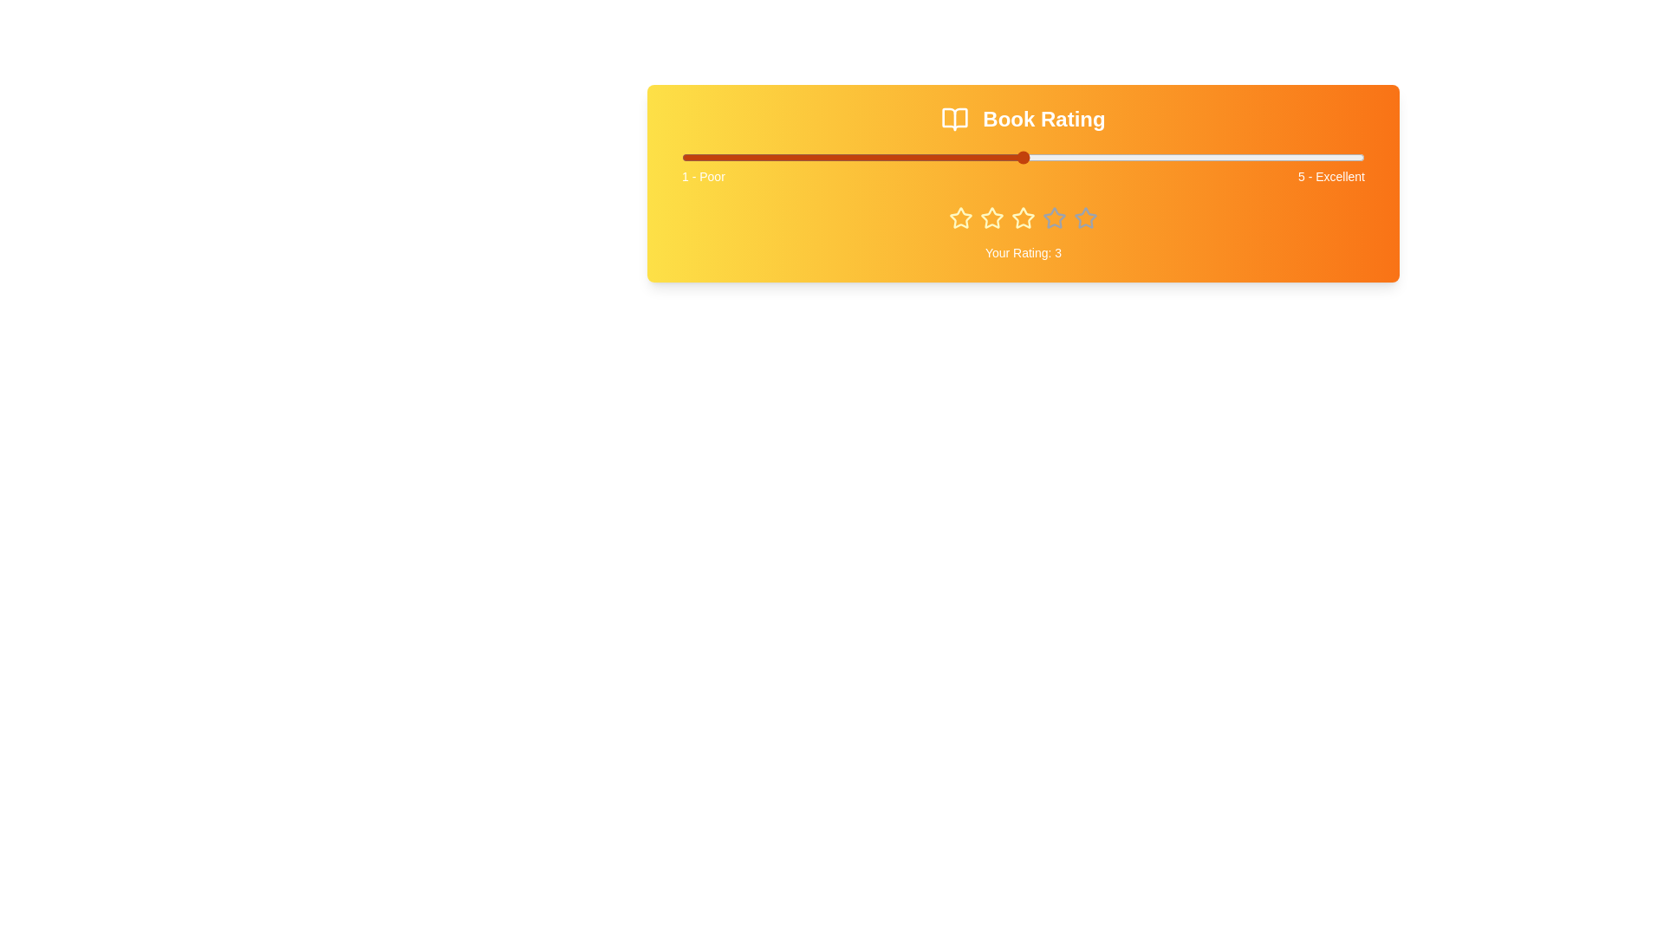 Image resolution: width=1664 pixels, height=936 pixels. What do you see at coordinates (992, 217) in the screenshot?
I see `the third star icon from the left in a horizontal sequence of five star icons` at bounding box center [992, 217].